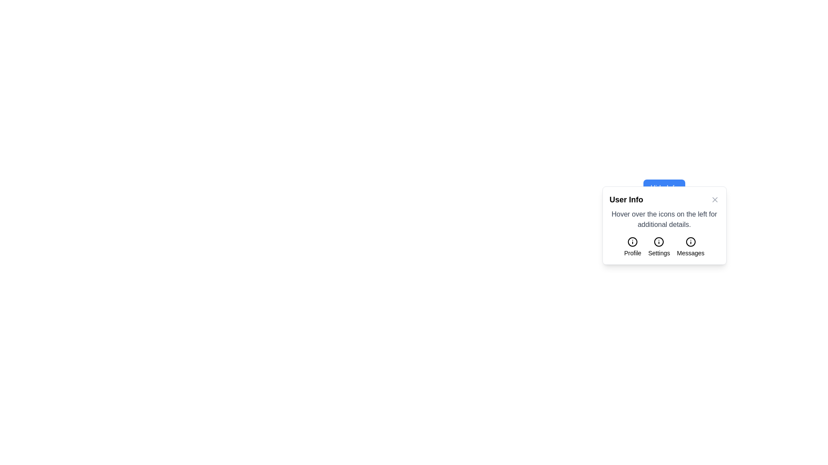  What do you see at coordinates (690, 242) in the screenshot?
I see `the SVG circle element with a black outline, located centrally within the information icon under the label 'Messages'` at bounding box center [690, 242].